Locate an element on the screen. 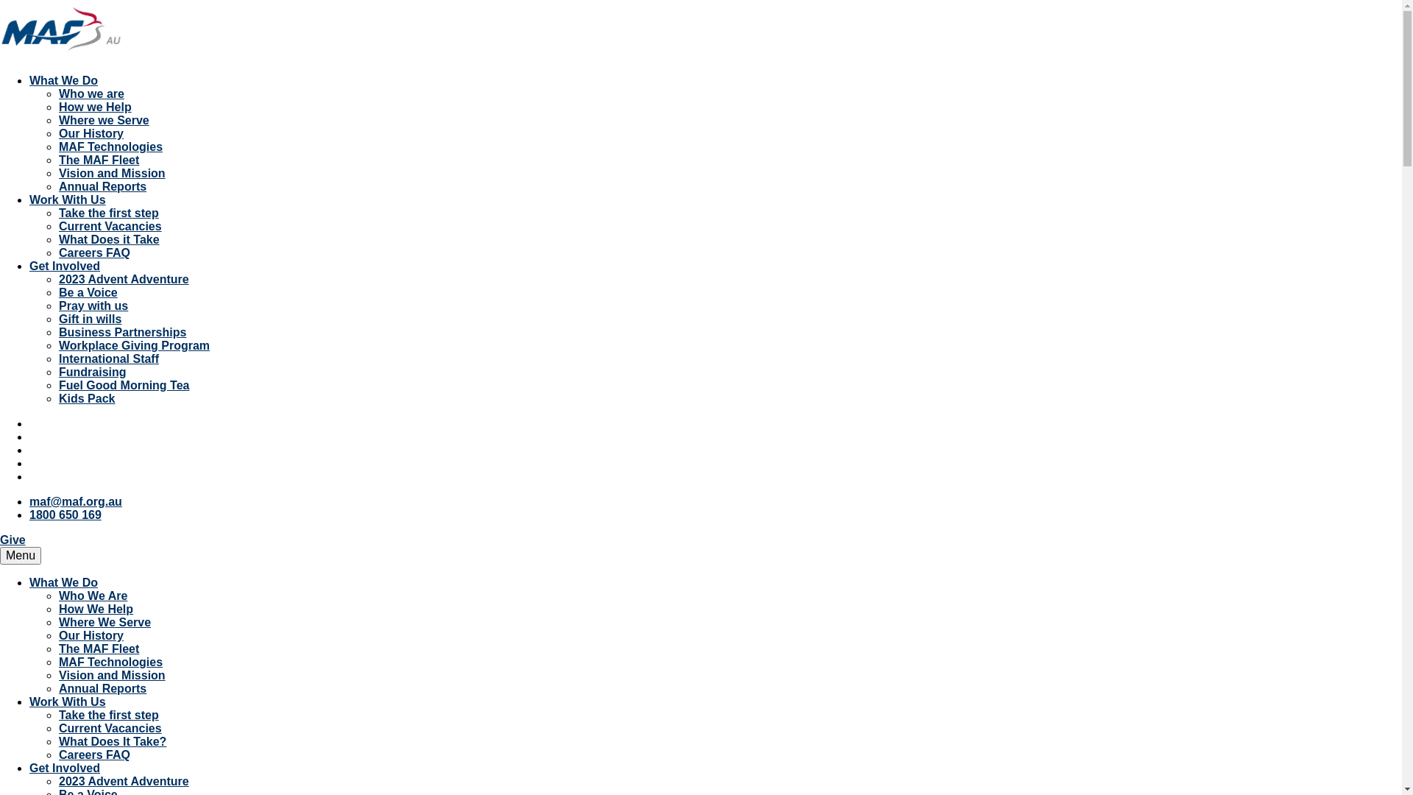 The image size is (1413, 795). 'Who We Are' is located at coordinates (92, 595).